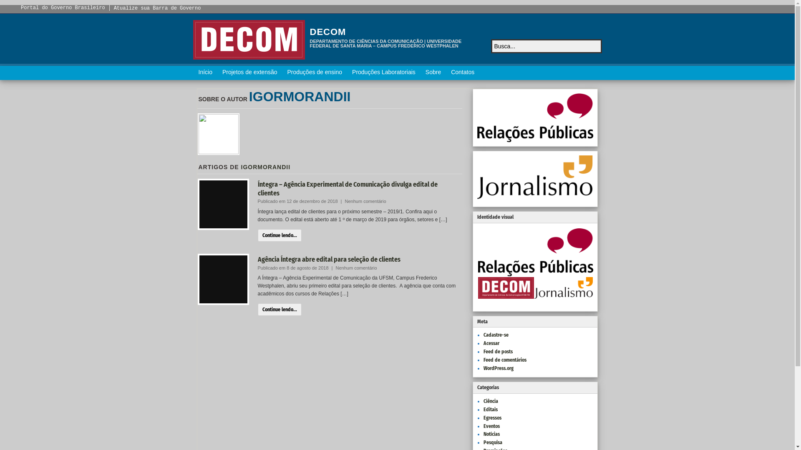 This screenshot has width=801, height=450. I want to click on 'Universidade Federal de Santa Maria', so click(248, 40).